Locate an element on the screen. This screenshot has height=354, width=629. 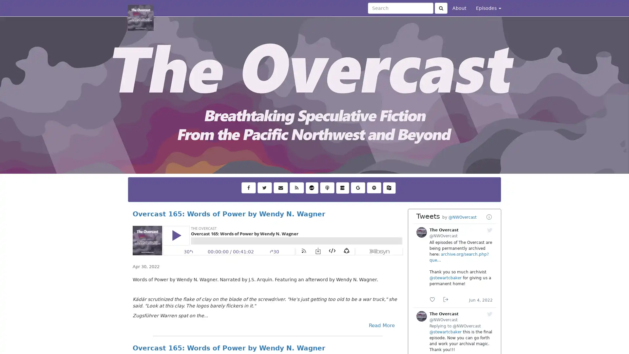
Click to submit search is located at coordinates (441, 8).